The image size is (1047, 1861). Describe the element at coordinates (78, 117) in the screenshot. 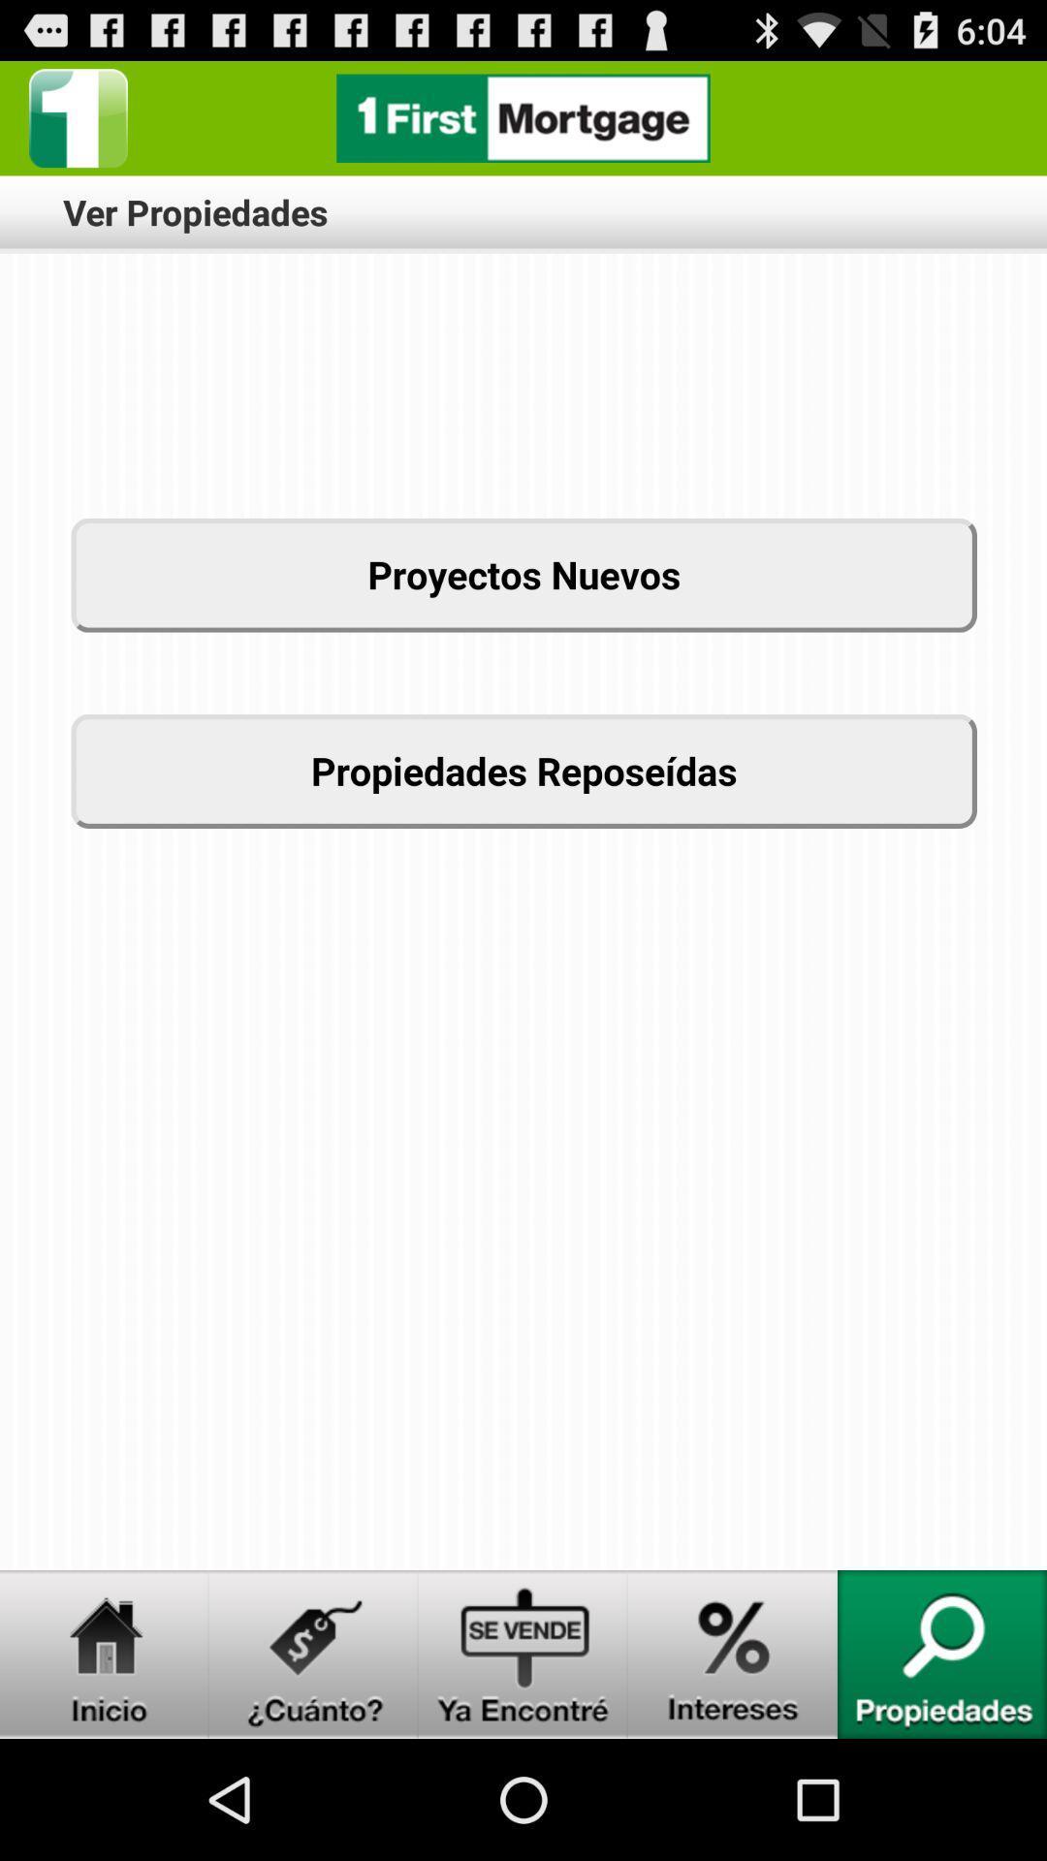

I see `home page` at that location.